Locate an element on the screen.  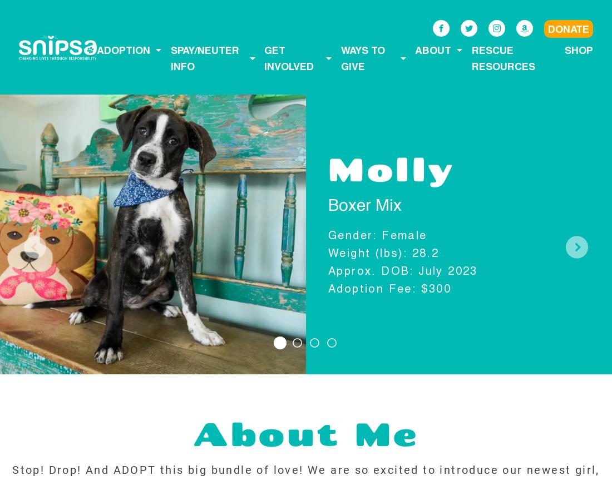
'Ways to give' is located at coordinates (362, 57).